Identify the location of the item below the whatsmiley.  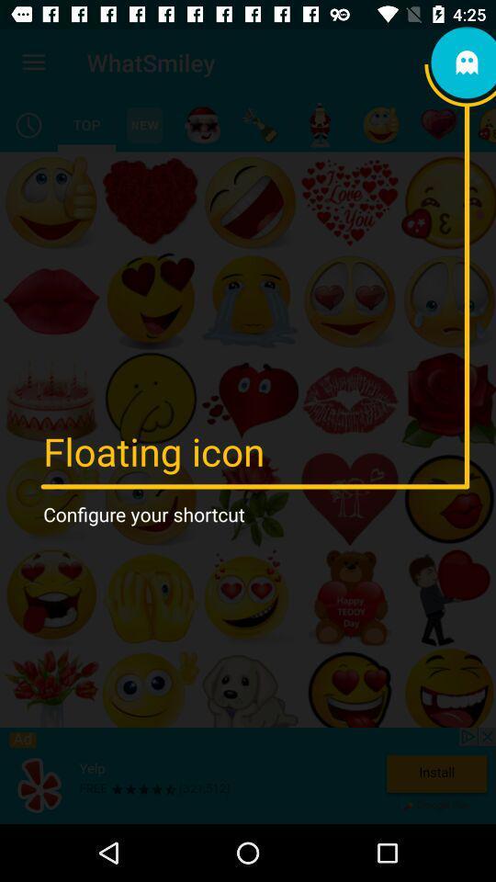
(201, 124).